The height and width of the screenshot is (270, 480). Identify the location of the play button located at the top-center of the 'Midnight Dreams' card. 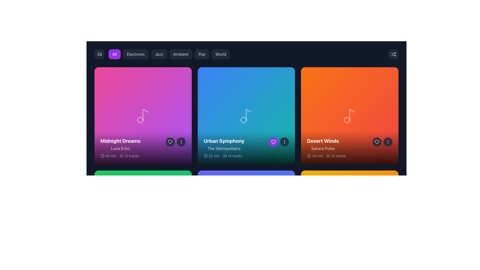
(143, 116).